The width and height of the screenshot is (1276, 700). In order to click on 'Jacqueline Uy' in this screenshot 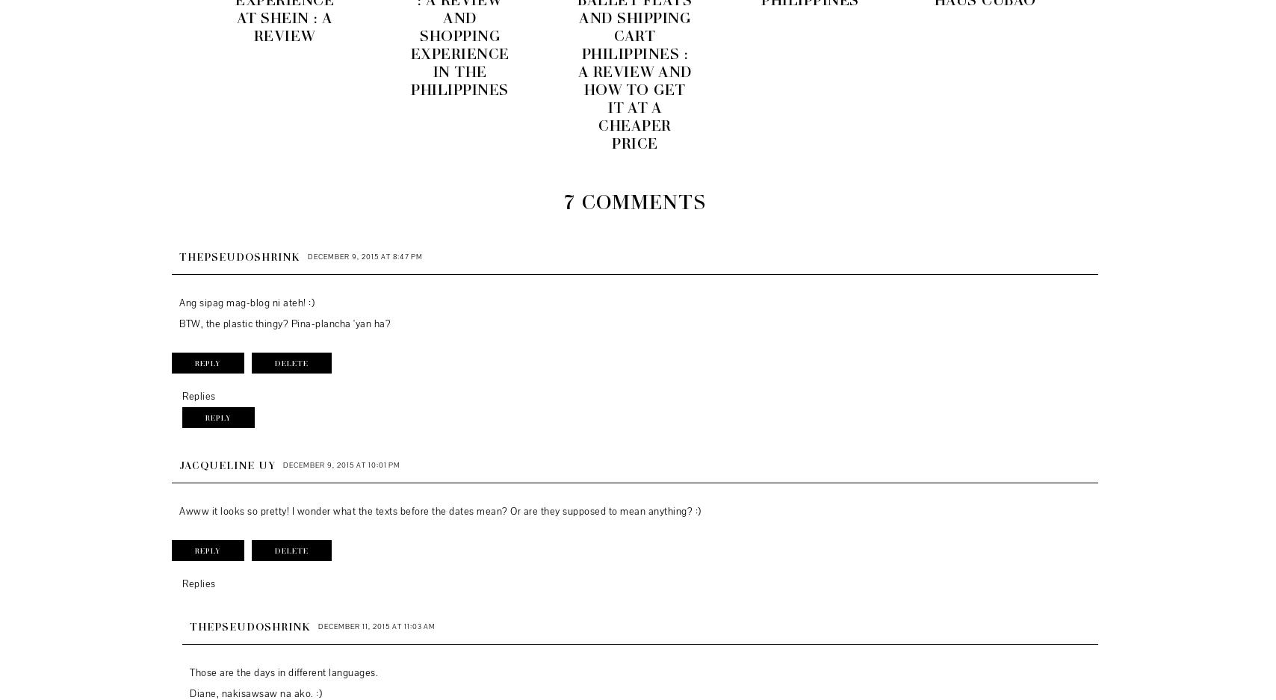, I will do `click(227, 464)`.